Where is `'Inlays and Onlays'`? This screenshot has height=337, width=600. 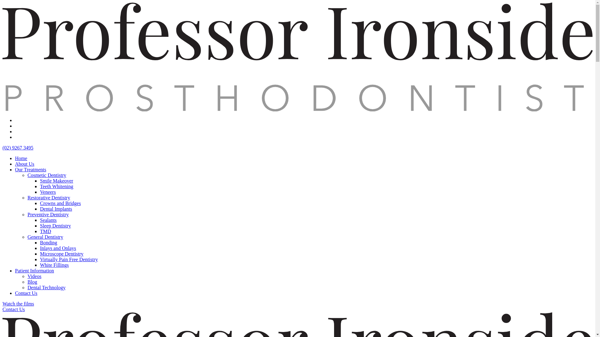 'Inlays and Onlays' is located at coordinates (58, 248).